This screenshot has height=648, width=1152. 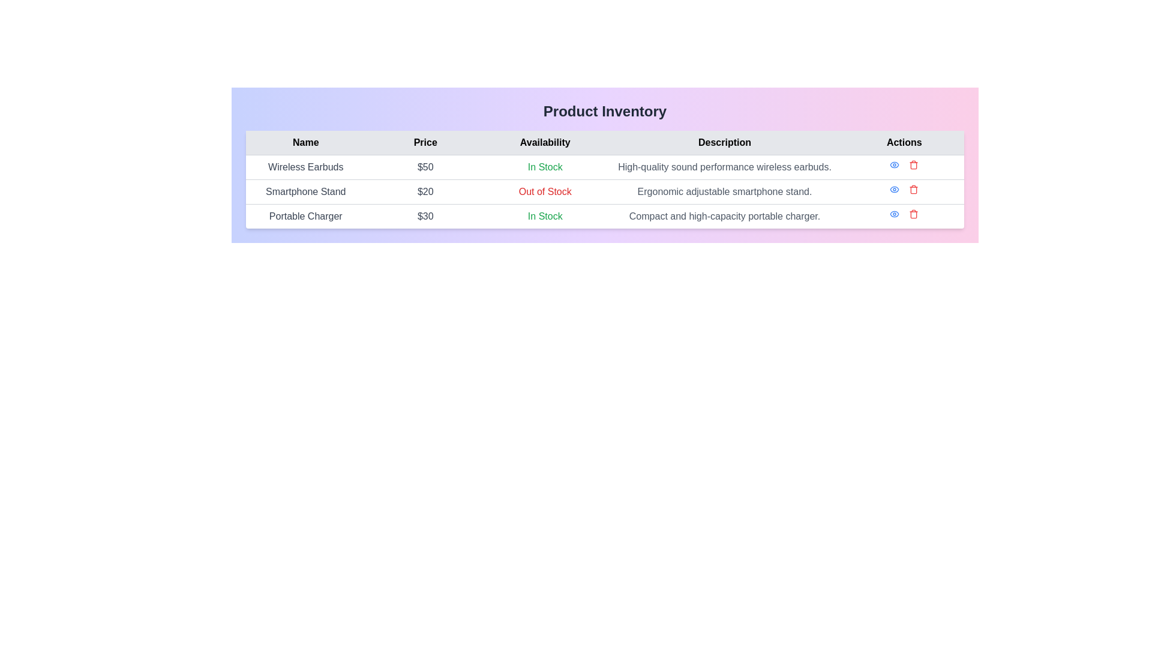 What do you see at coordinates (305, 191) in the screenshot?
I see `the text label reading 'Smartphone Stand' located in the second row of the table under the 'Name' column` at bounding box center [305, 191].